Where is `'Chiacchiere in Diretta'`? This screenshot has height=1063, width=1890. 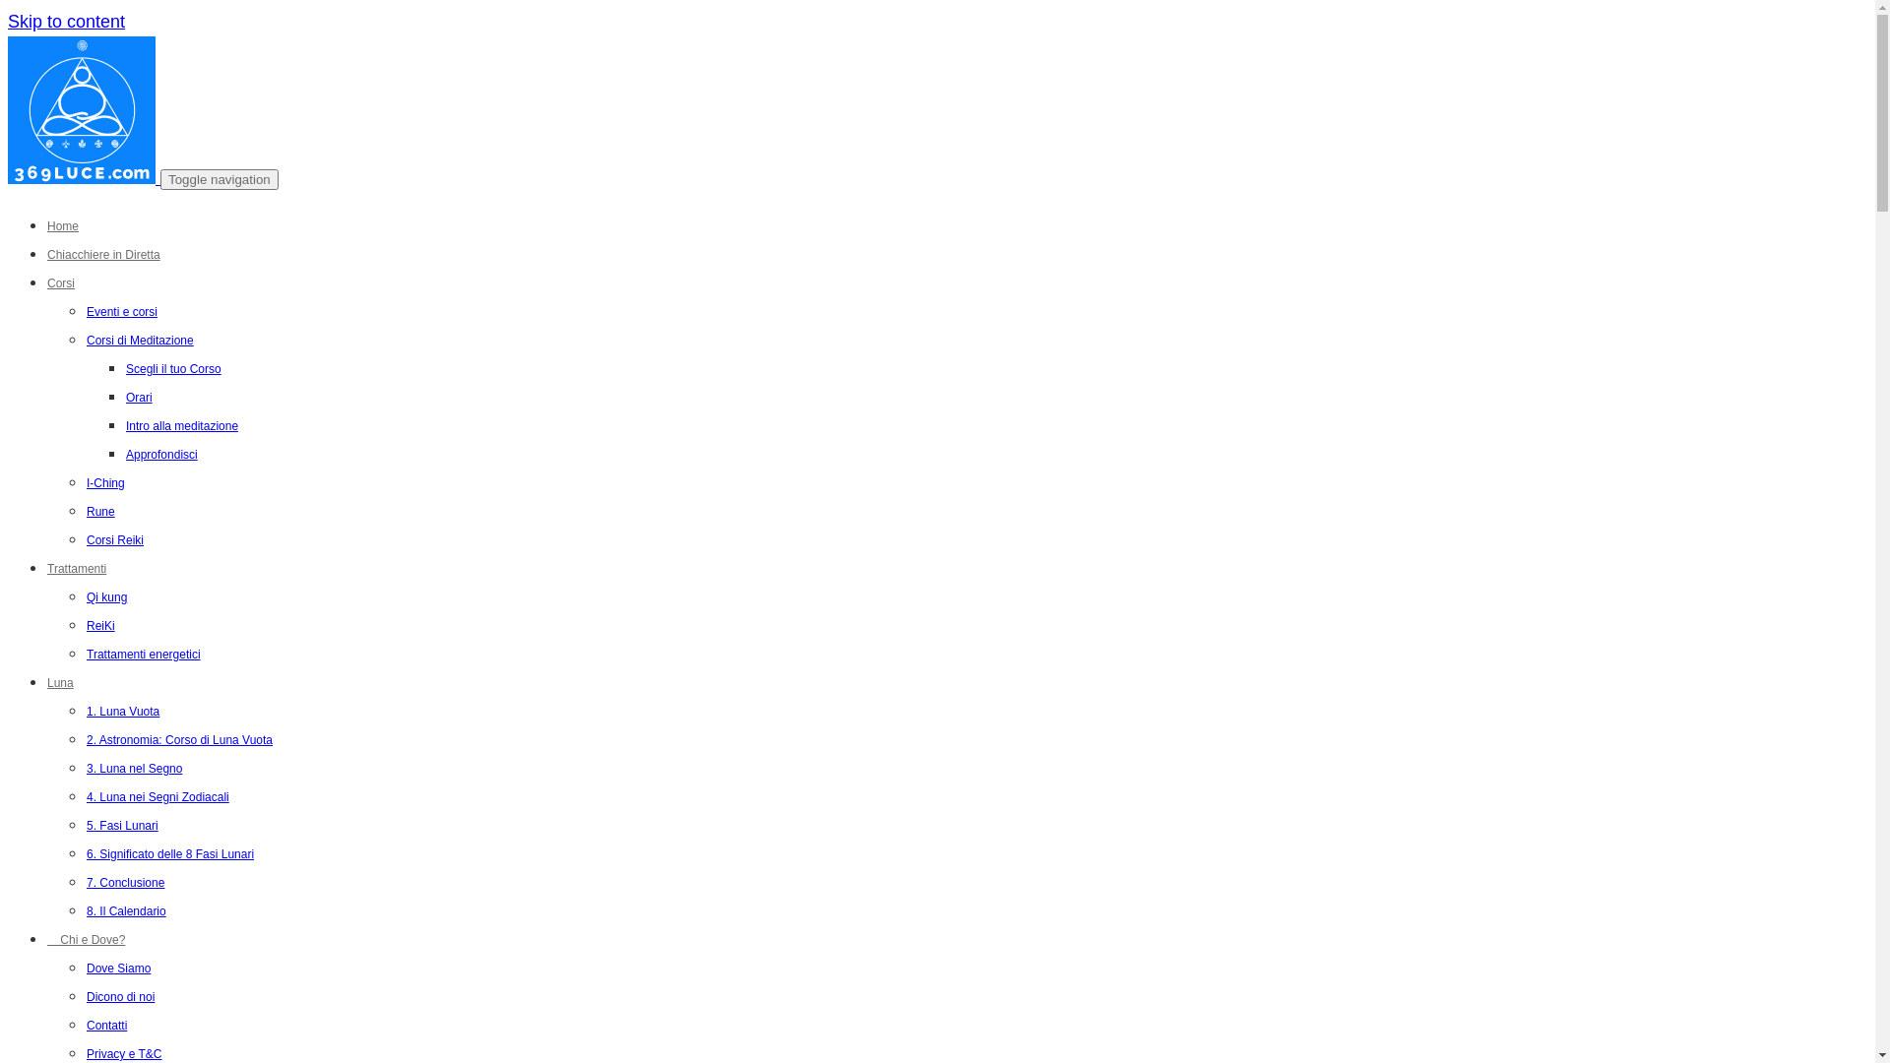
'Chiacchiere in Diretta' is located at coordinates (102, 253).